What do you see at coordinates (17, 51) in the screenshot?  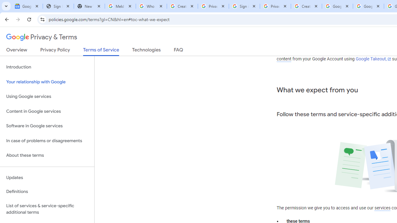 I see `'Overview'` at bounding box center [17, 51].